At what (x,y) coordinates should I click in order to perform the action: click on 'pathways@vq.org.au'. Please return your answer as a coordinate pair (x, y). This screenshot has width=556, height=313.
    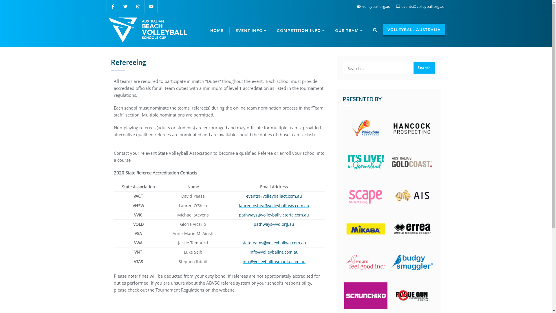
    Looking at the image, I should click on (273, 224).